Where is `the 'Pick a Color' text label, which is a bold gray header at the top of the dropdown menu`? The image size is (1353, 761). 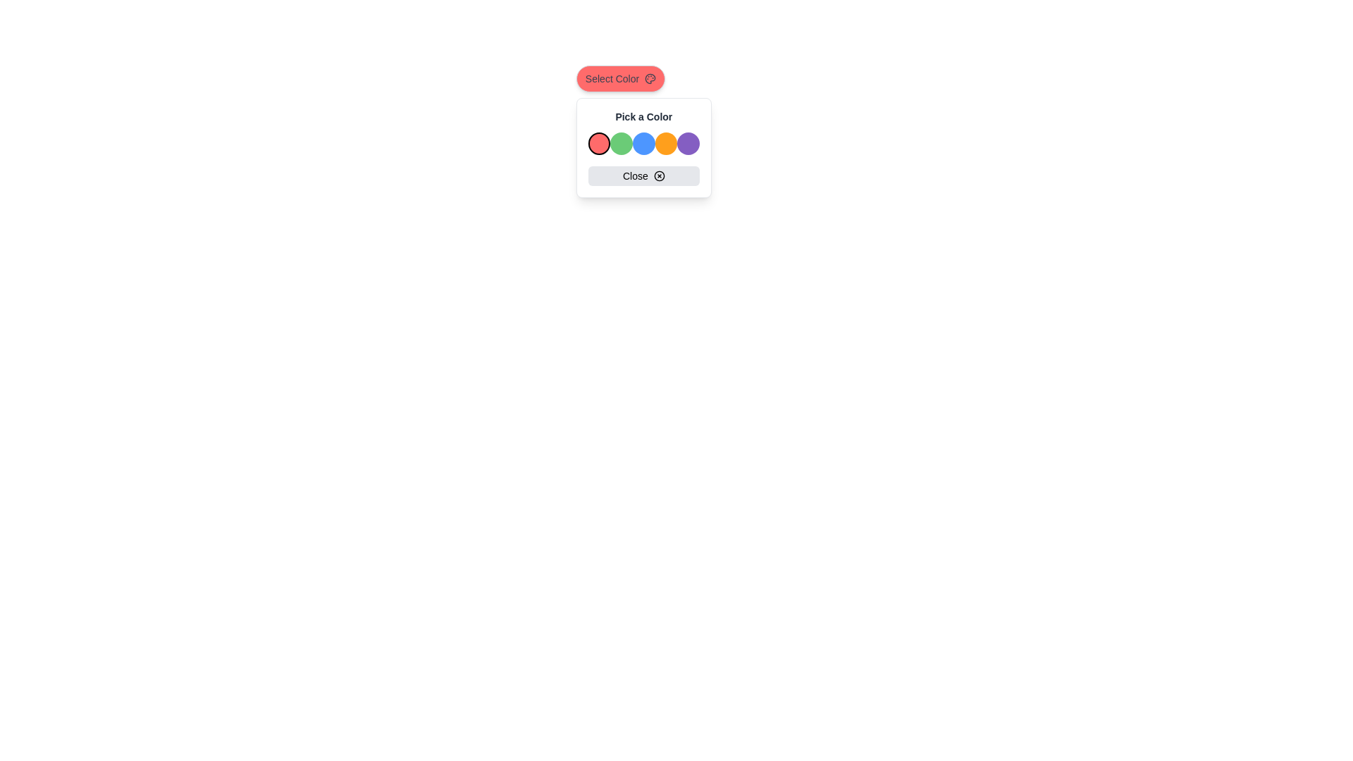
the 'Pick a Color' text label, which is a bold gray header at the top of the dropdown menu is located at coordinates (643, 116).